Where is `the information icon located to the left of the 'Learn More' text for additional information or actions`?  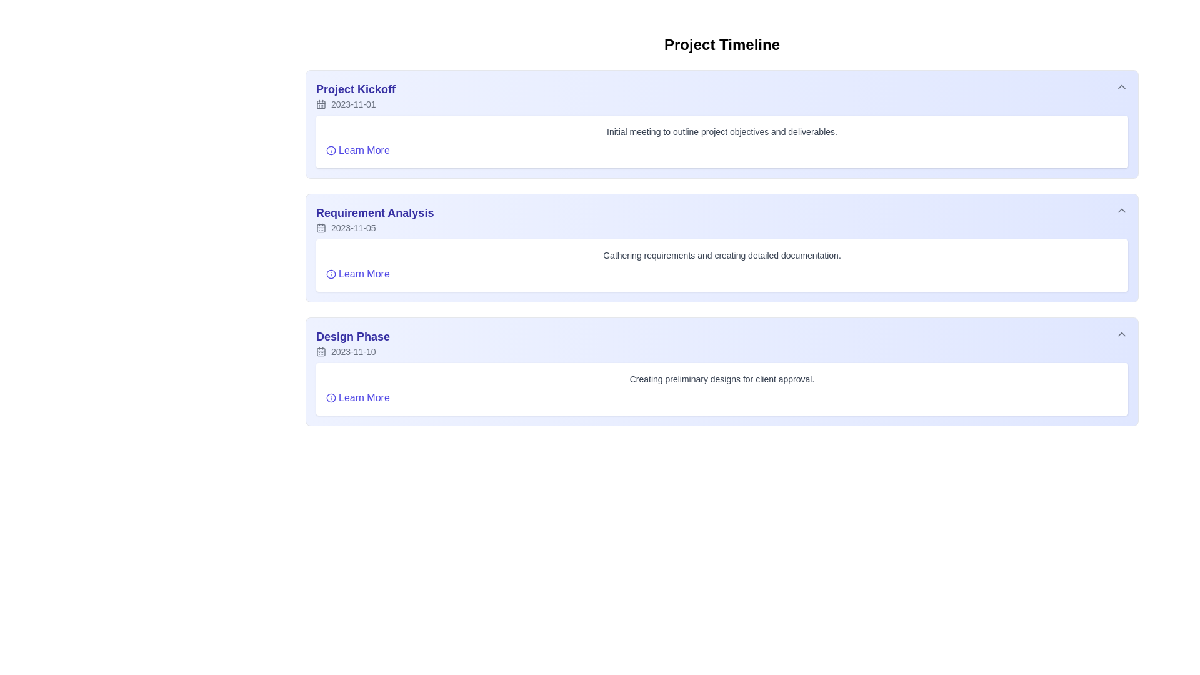 the information icon located to the left of the 'Learn More' text for additional information or actions is located at coordinates (331, 274).